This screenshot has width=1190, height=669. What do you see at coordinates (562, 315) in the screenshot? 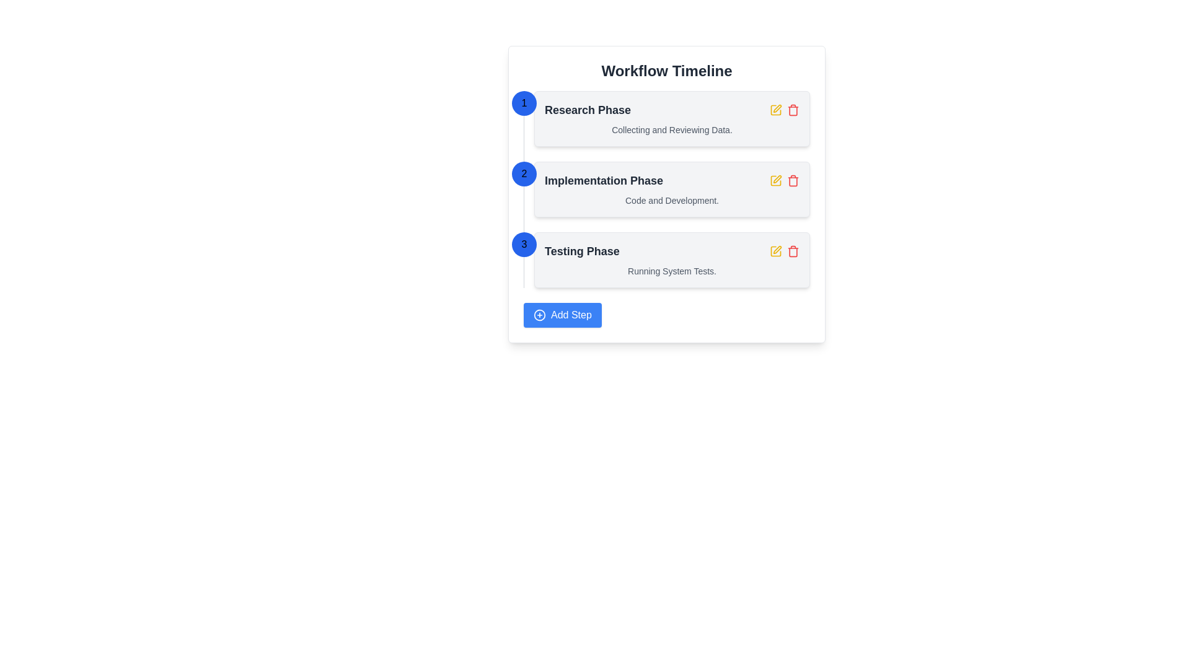
I see `the 'Add Step' button, which has a blue background, white text, and a plus icon, to observe the background color change` at bounding box center [562, 315].